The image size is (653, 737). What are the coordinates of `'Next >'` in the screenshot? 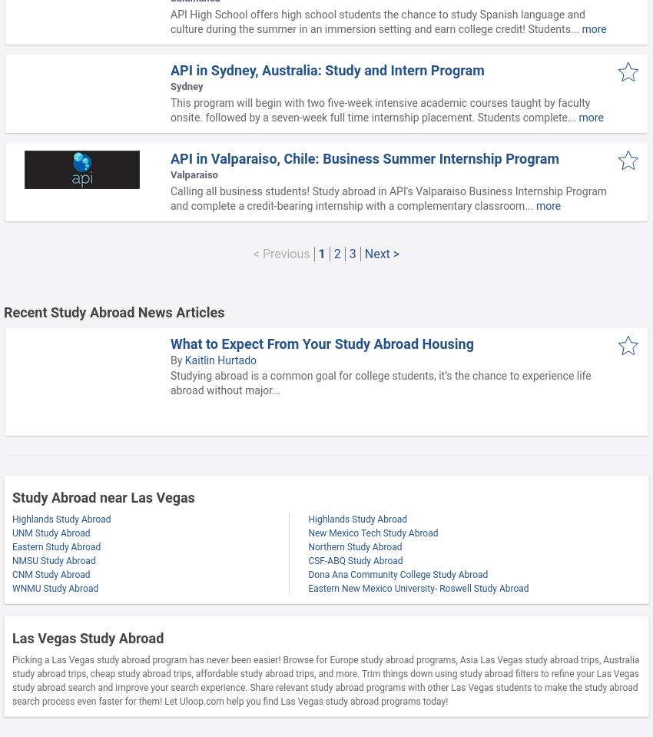 It's located at (381, 253).